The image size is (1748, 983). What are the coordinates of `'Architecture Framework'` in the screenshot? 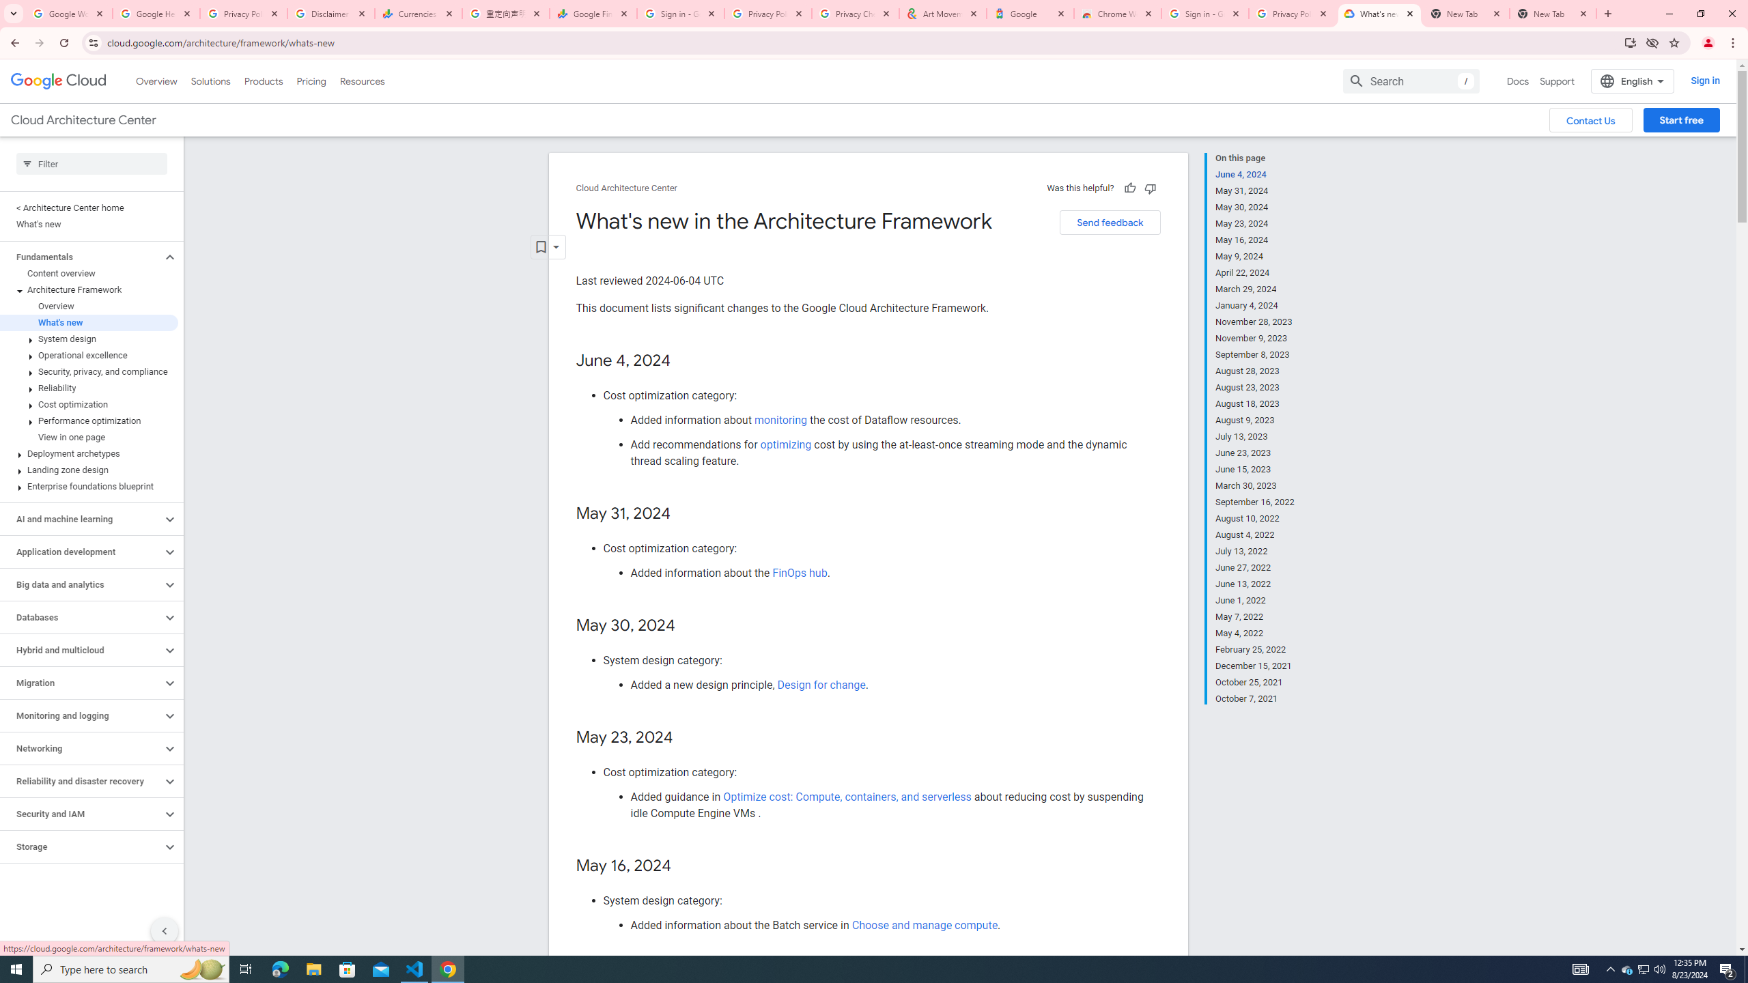 It's located at (89, 289).